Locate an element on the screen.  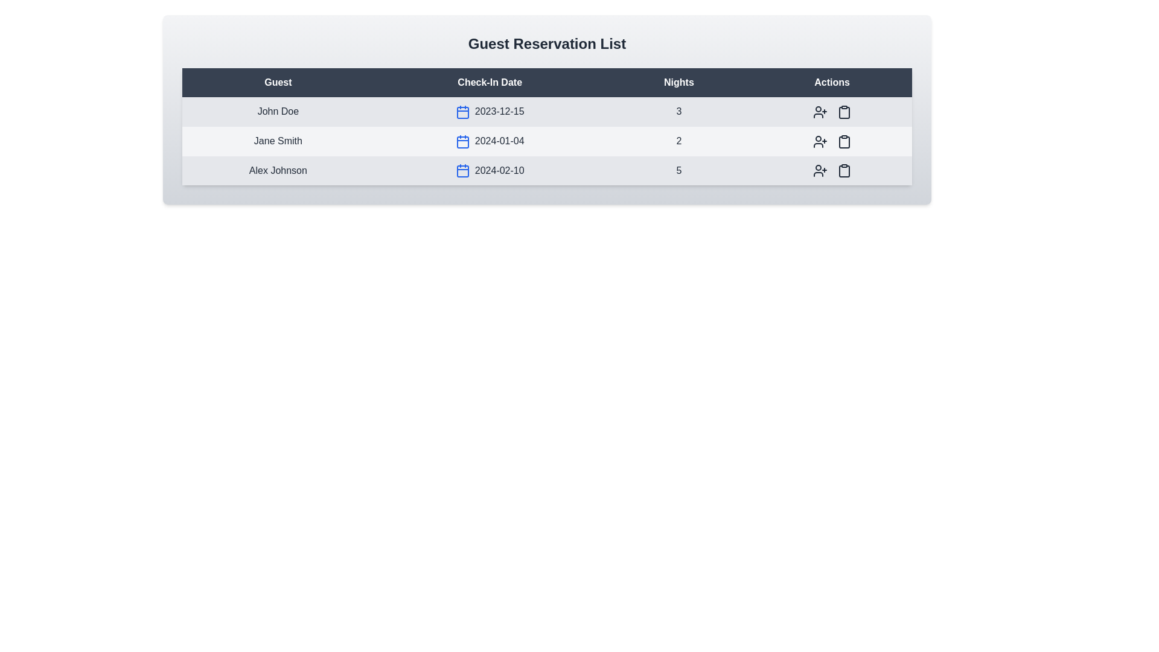
the icon button resembling a person with a plus sign in the 'Actions' column of the third row aligned with 'Alex Johnson' is located at coordinates (820, 170).